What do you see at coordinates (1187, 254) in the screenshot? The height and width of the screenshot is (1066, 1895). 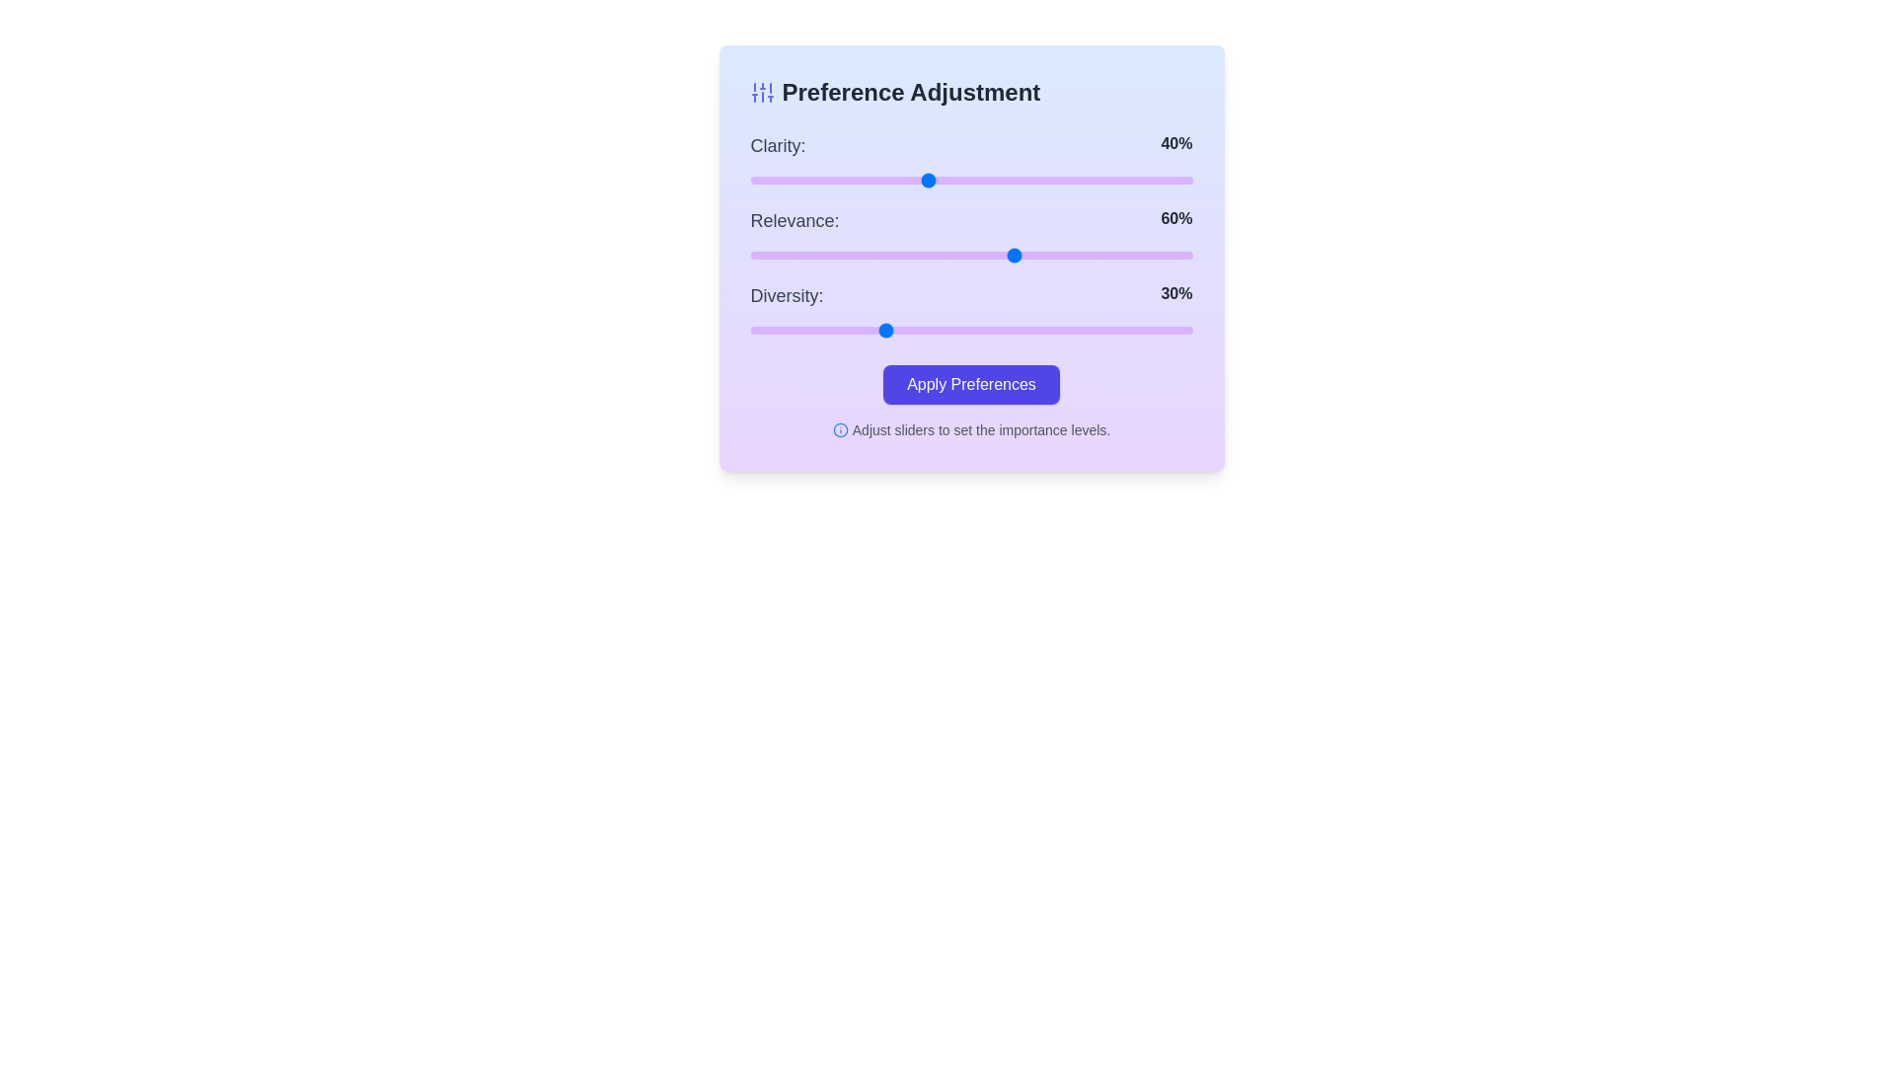 I see `the slider for 1 to 99%` at bounding box center [1187, 254].